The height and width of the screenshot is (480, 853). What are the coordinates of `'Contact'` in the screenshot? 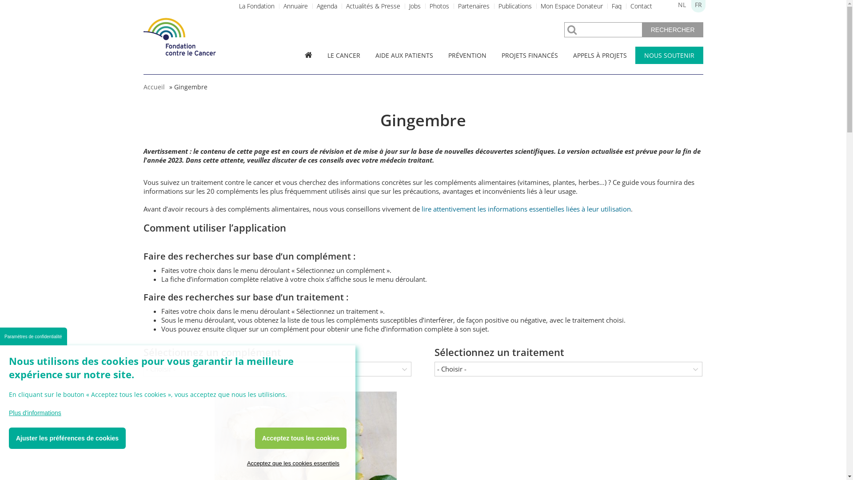 It's located at (641, 6).